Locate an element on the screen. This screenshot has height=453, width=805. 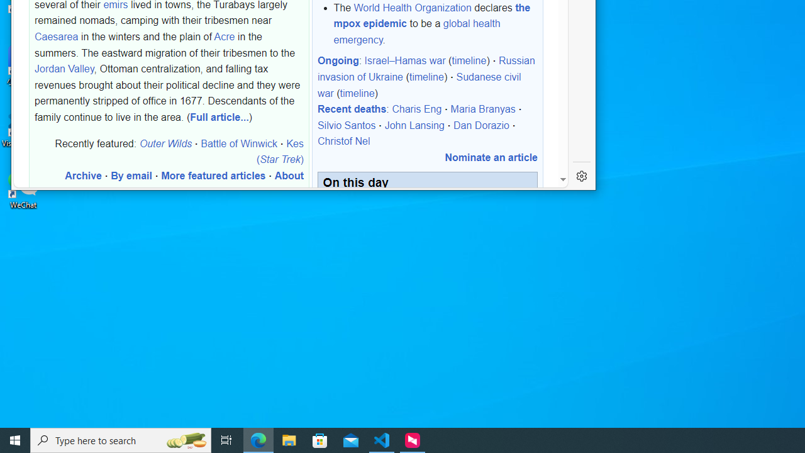
'Start' is located at coordinates (15, 439).